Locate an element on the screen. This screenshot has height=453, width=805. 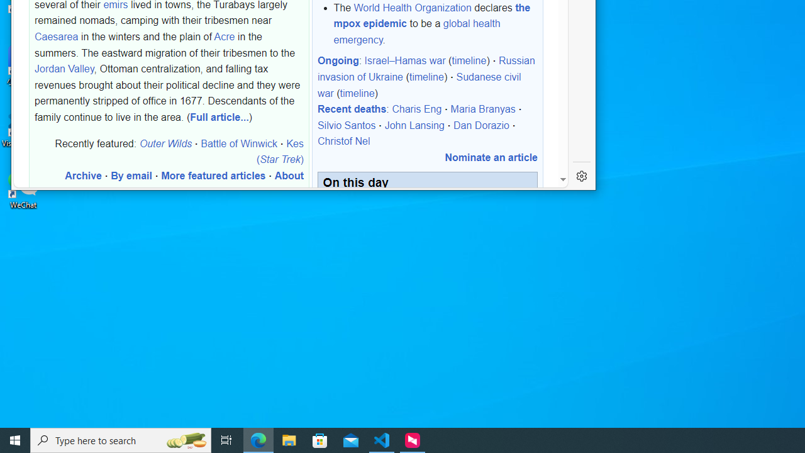
'Start' is located at coordinates (15, 439).